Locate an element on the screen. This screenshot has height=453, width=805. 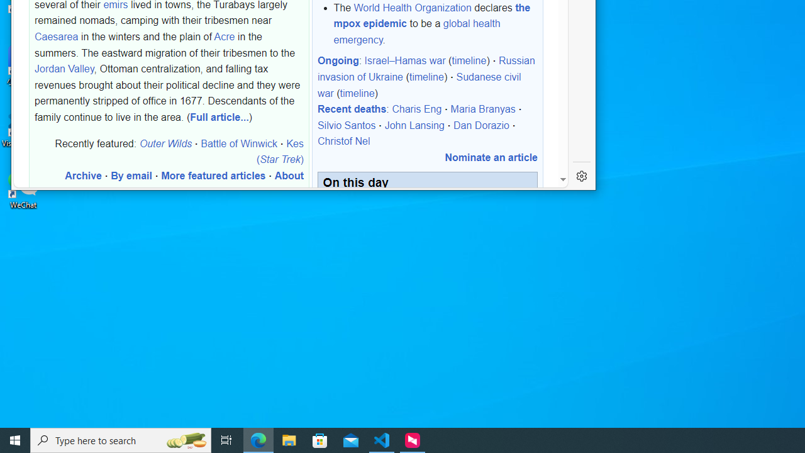
'Start' is located at coordinates (15, 439).